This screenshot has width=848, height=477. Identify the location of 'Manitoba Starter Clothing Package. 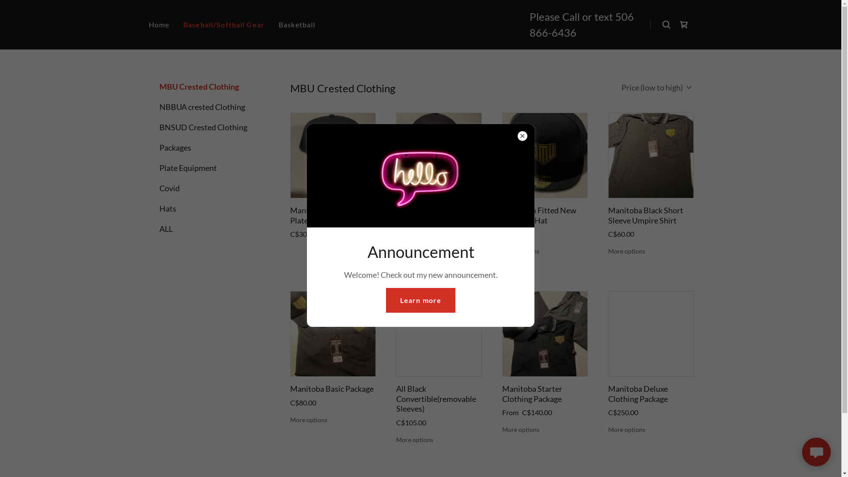
(502, 363).